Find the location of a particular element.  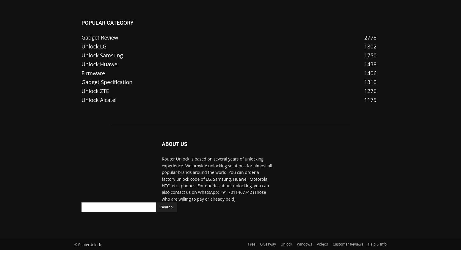

'Router Unlock is based on several years of unlocking experience. We provide unlocking solutions for almost all popular brands around the world. You can order a factory unlock code of LG, Samsung, Huawei, Motorola, HTC, etc., phones. For queries about unlocking, you can also contact us on WhatsApp: +91 7011467742 (Those who are willing to pay or already paid).' is located at coordinates (217, 179).